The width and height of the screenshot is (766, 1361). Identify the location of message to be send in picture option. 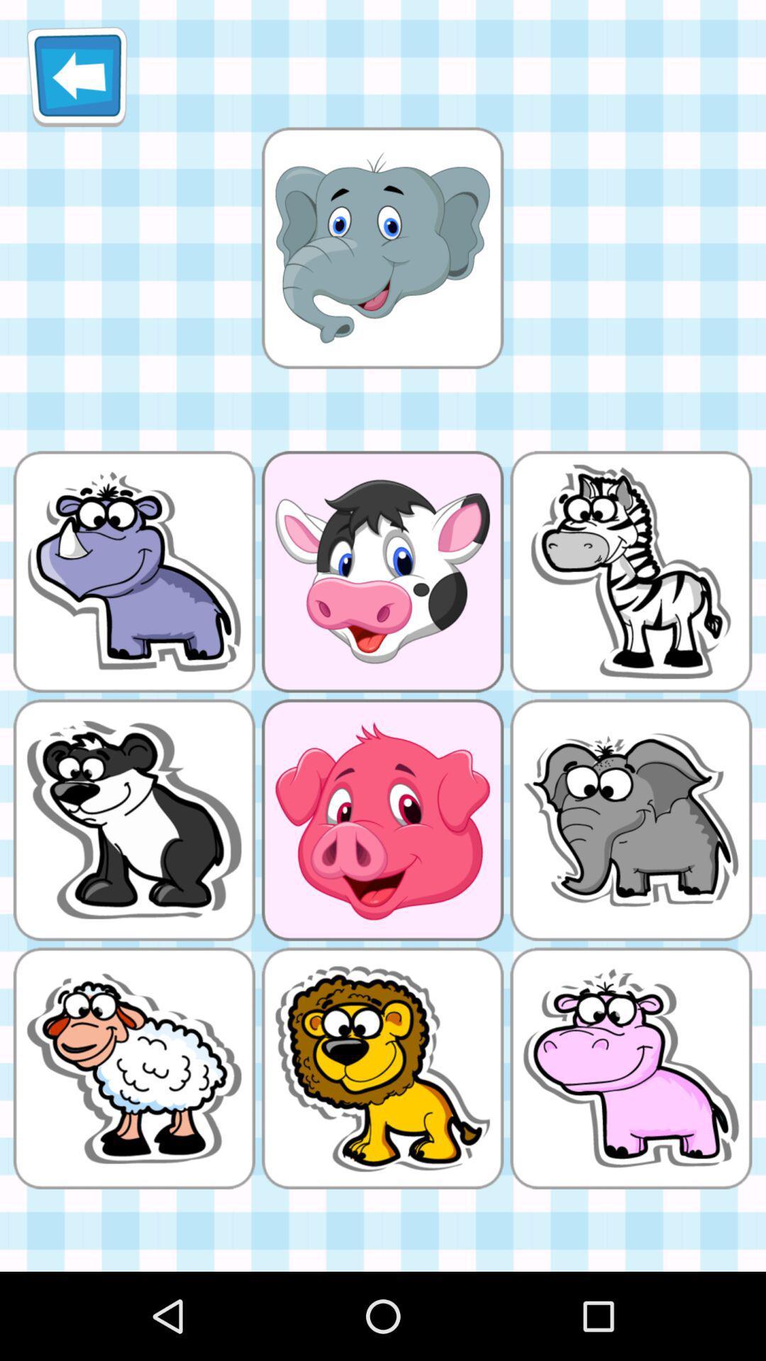
(382, 247).